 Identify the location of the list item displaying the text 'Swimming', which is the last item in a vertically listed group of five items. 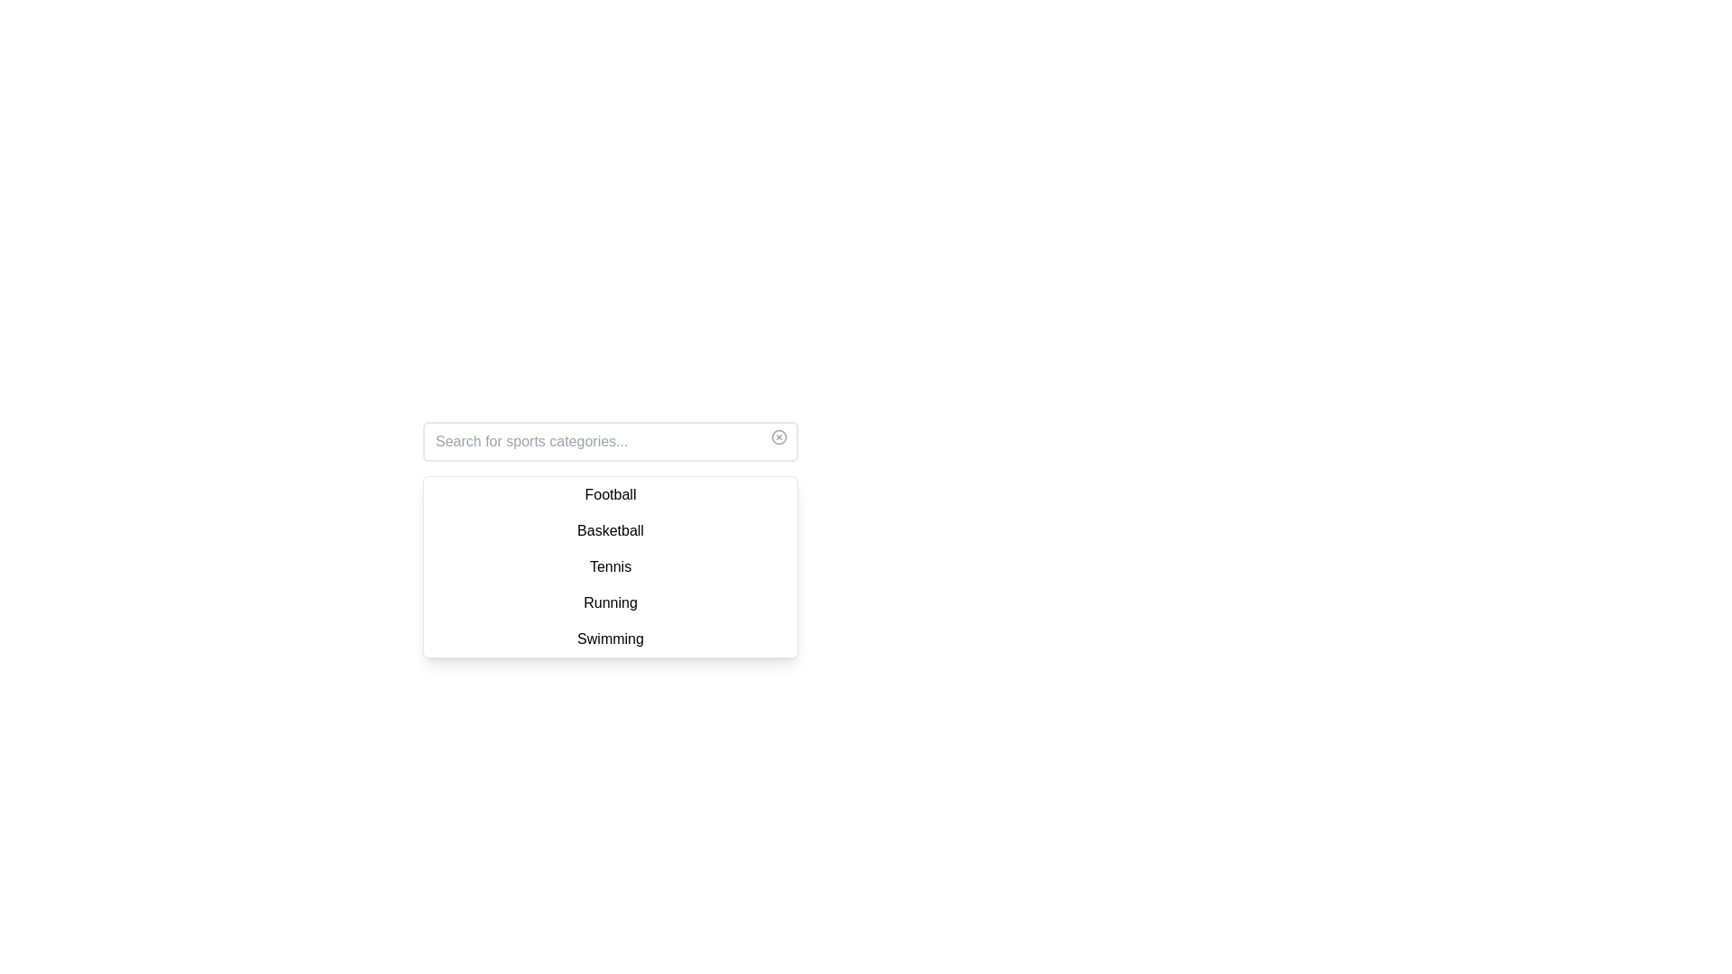
(610, 639).